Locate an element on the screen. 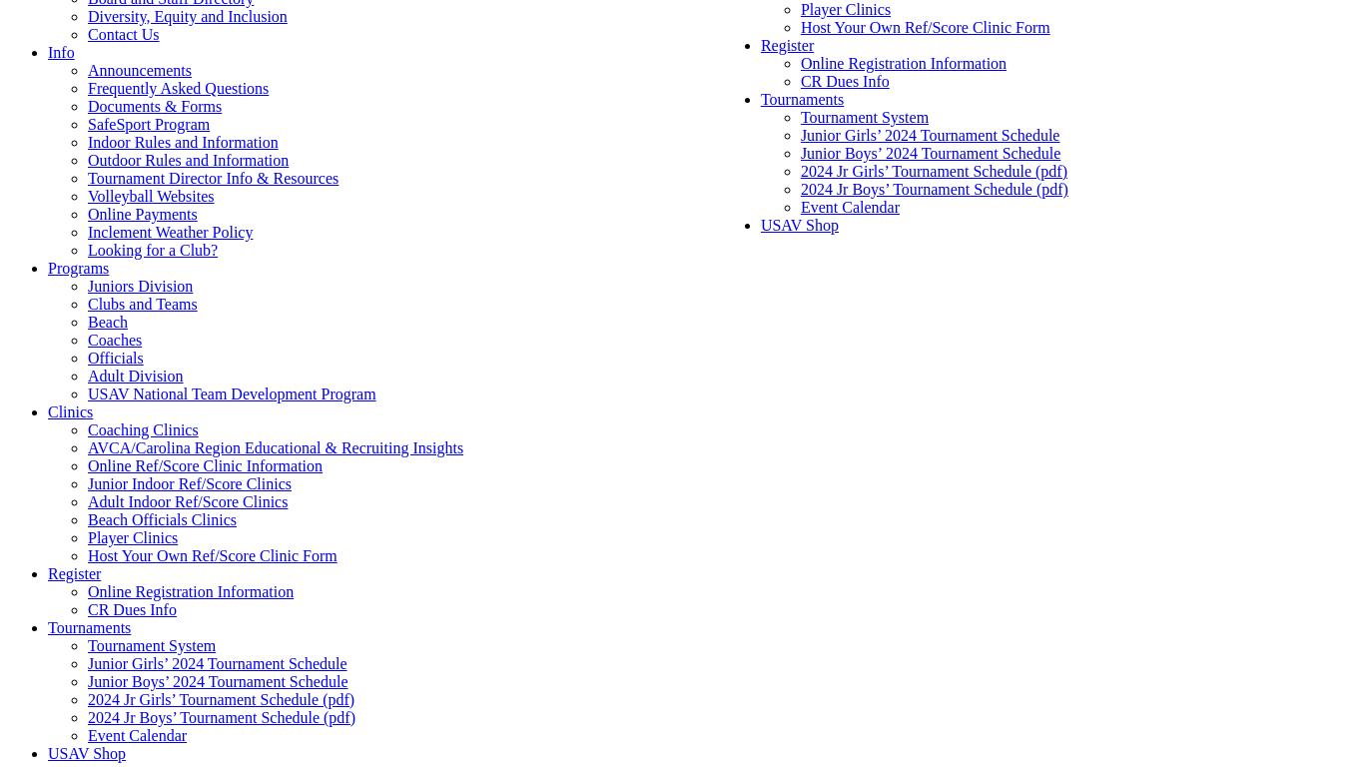 Image resolution: width=1364 pixels, height=778 pixels. 'Announcements' is located at coordinates (138, 69).